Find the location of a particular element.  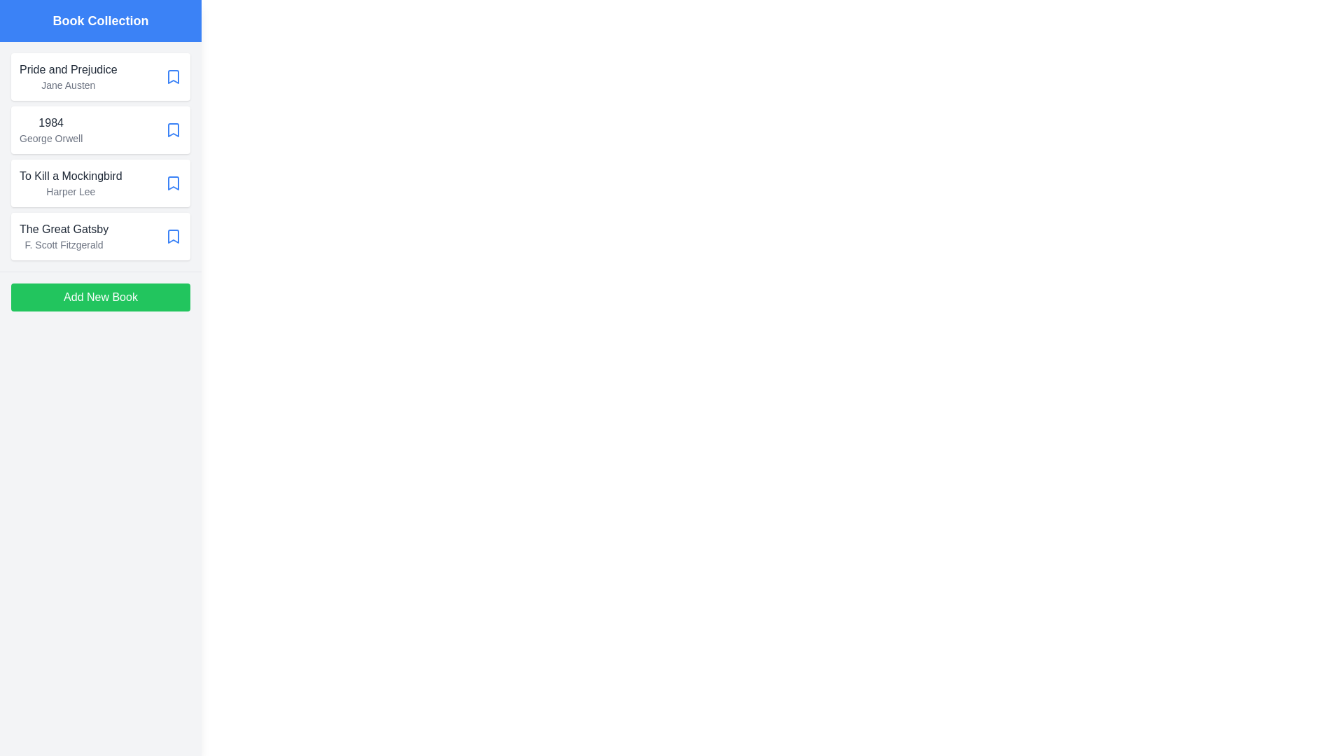

the book item Pride and Prejudice to view additional feedback is located at coordinates (100, 77).